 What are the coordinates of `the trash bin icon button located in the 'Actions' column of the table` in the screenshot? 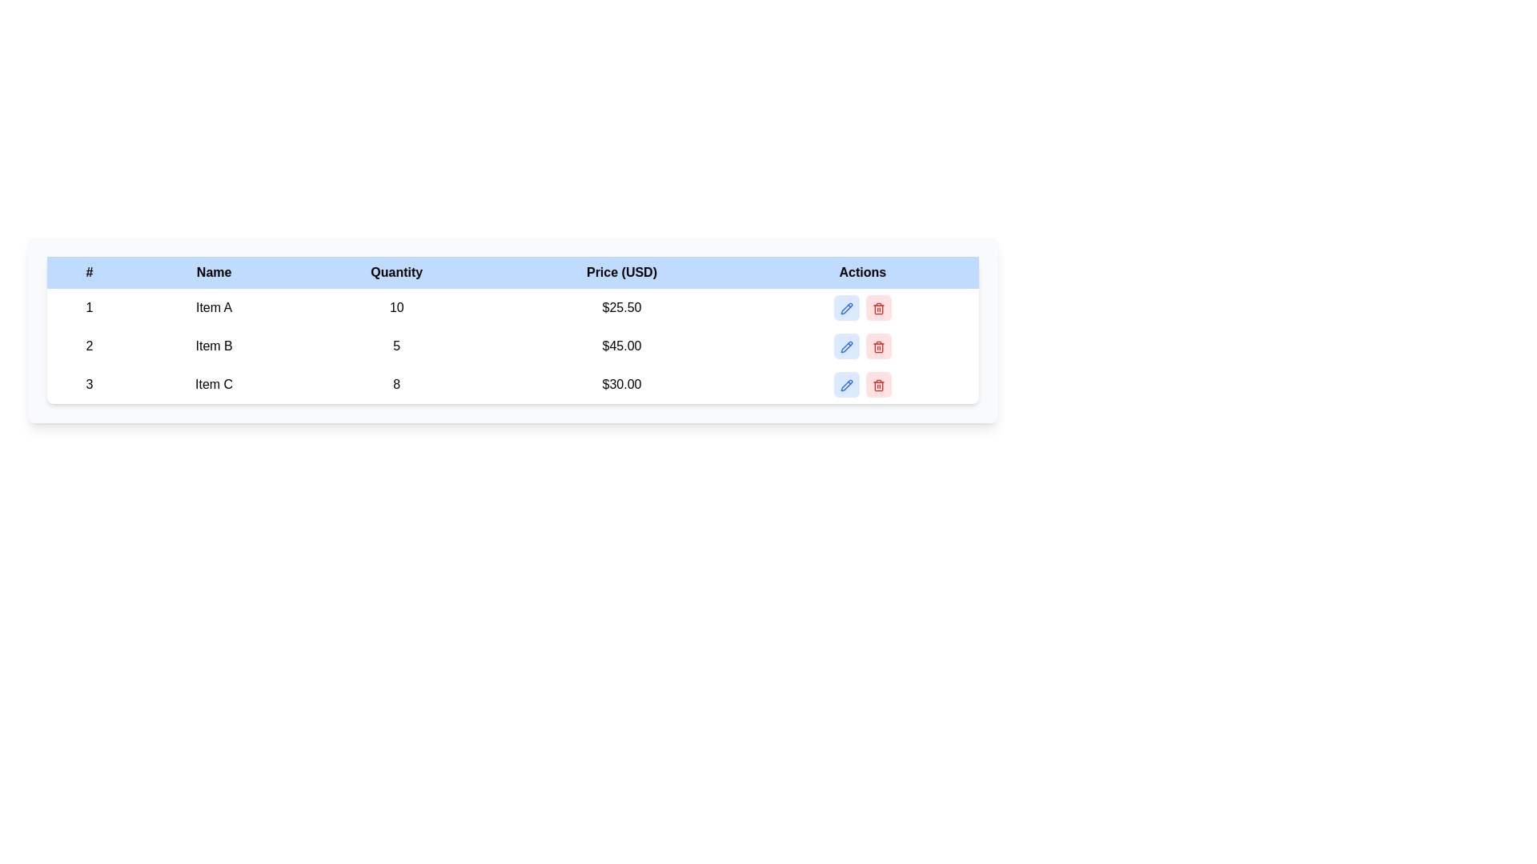 It's located at (877, 346).